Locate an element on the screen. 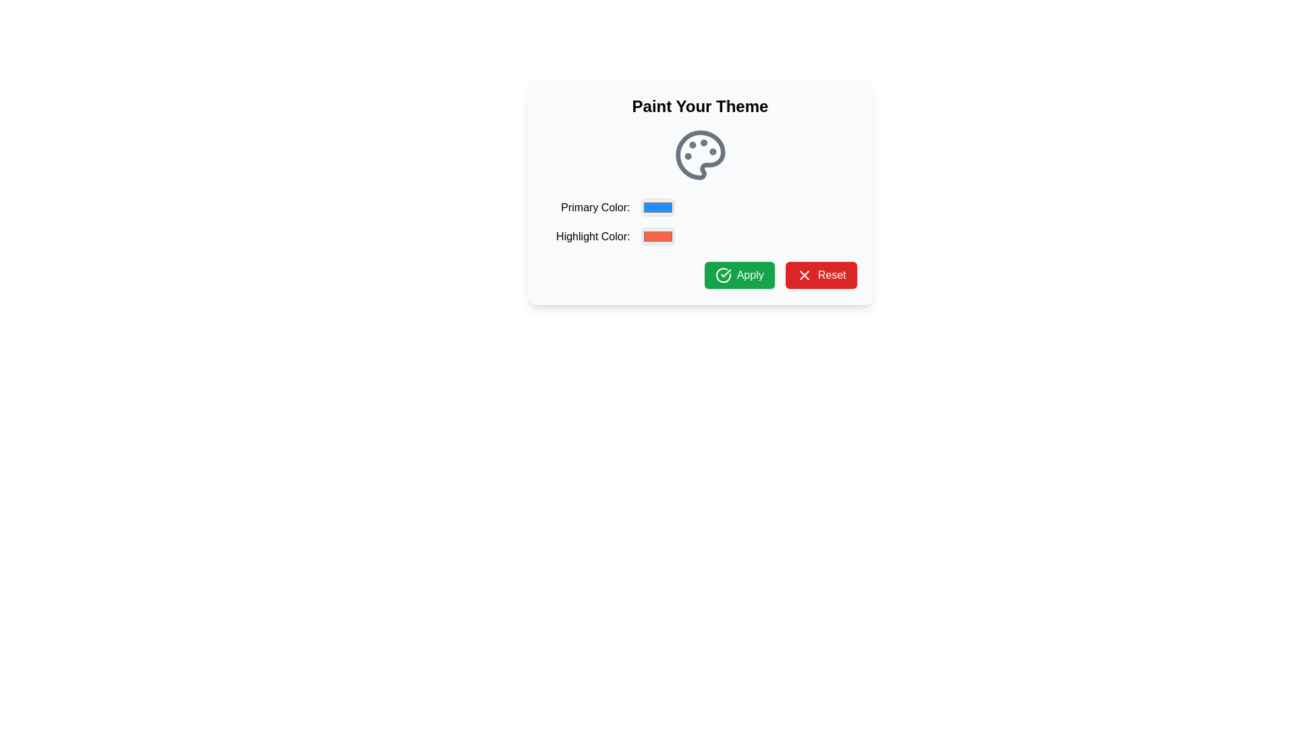 This screenshot has width=1296, height=729. the color box in the 'Paint Your Theme' dialog is located at coordinates (700, 207).